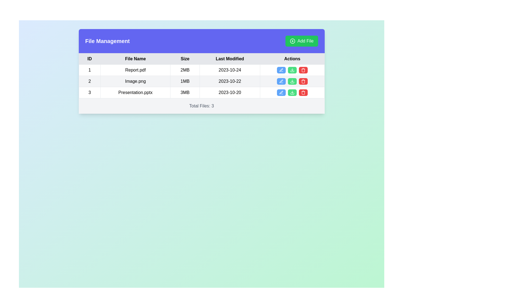  I want to click on the text cell displaying the number '1' in the 'ID' column of the file management panel's table, so click(89, 70).